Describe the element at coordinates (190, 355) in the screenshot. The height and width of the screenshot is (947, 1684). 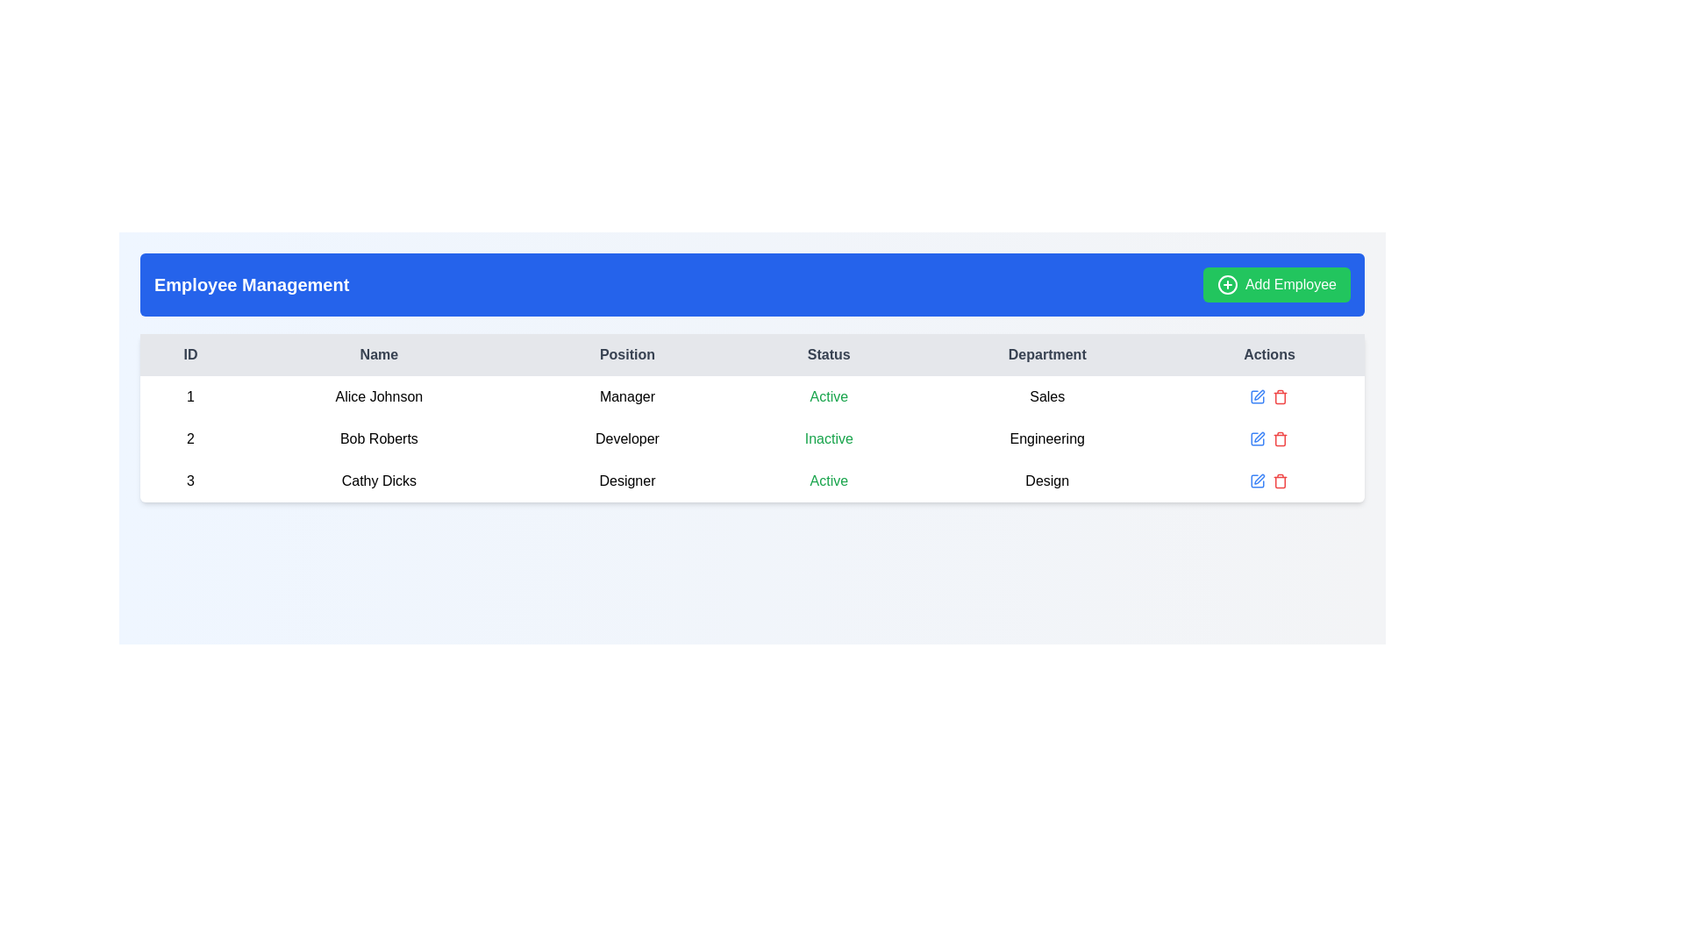
I see `label of the 'ID' text element located in the first column of the table header, which is visually distinguished by its gray background and centered alignment` at that location.